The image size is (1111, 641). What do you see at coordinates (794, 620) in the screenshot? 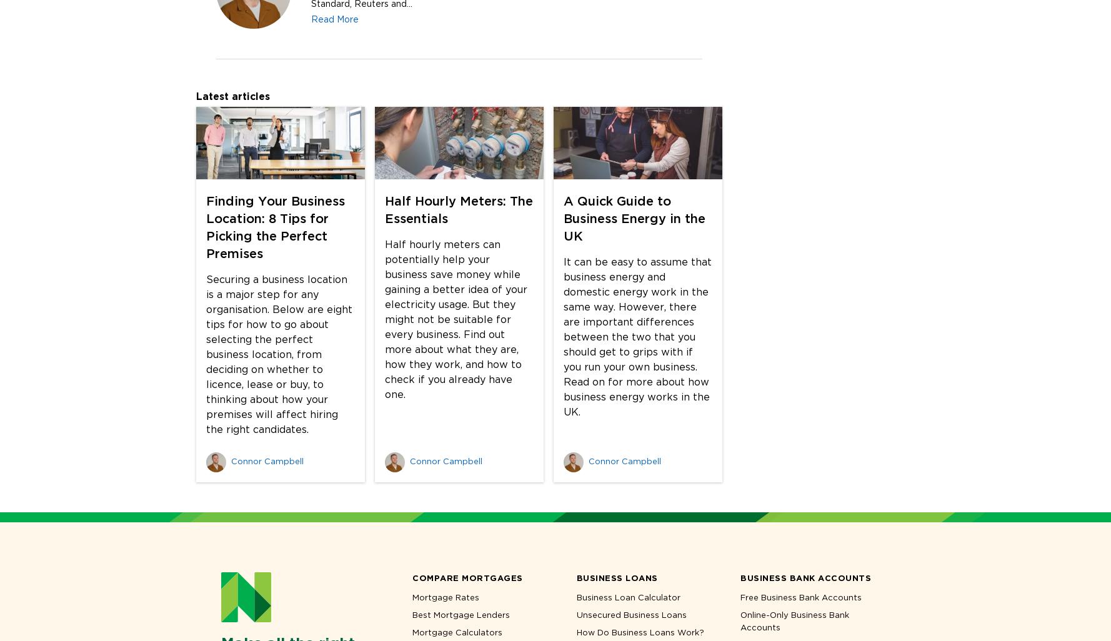
I see `'Online-Only Business Bank Accounts'` at bounding box center [794, 620].